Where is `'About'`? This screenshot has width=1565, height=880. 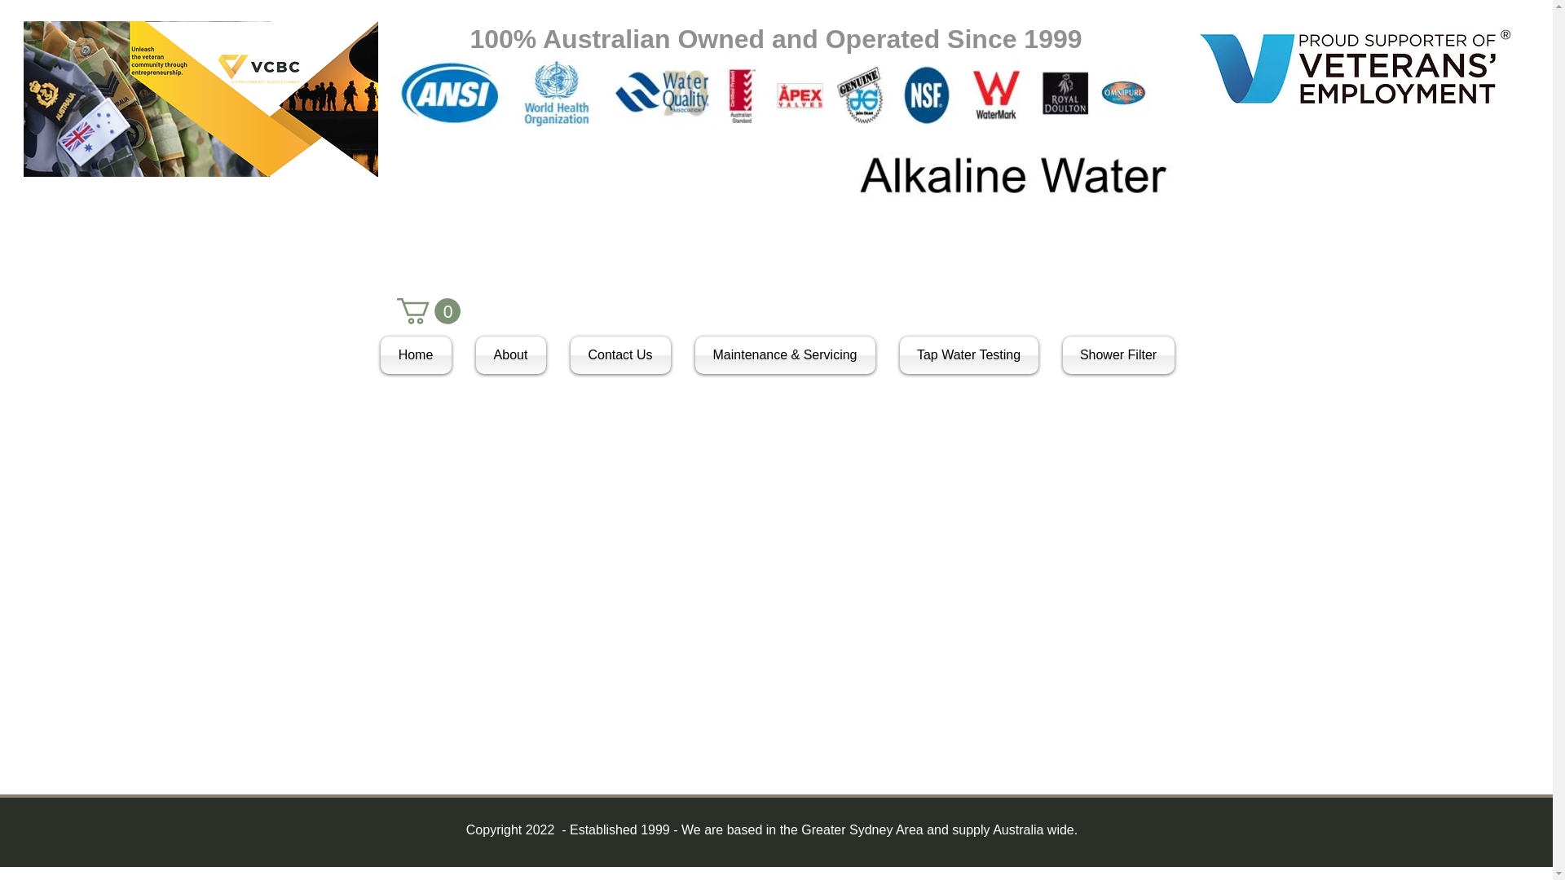 'About' is located at coordinates (509, 354).